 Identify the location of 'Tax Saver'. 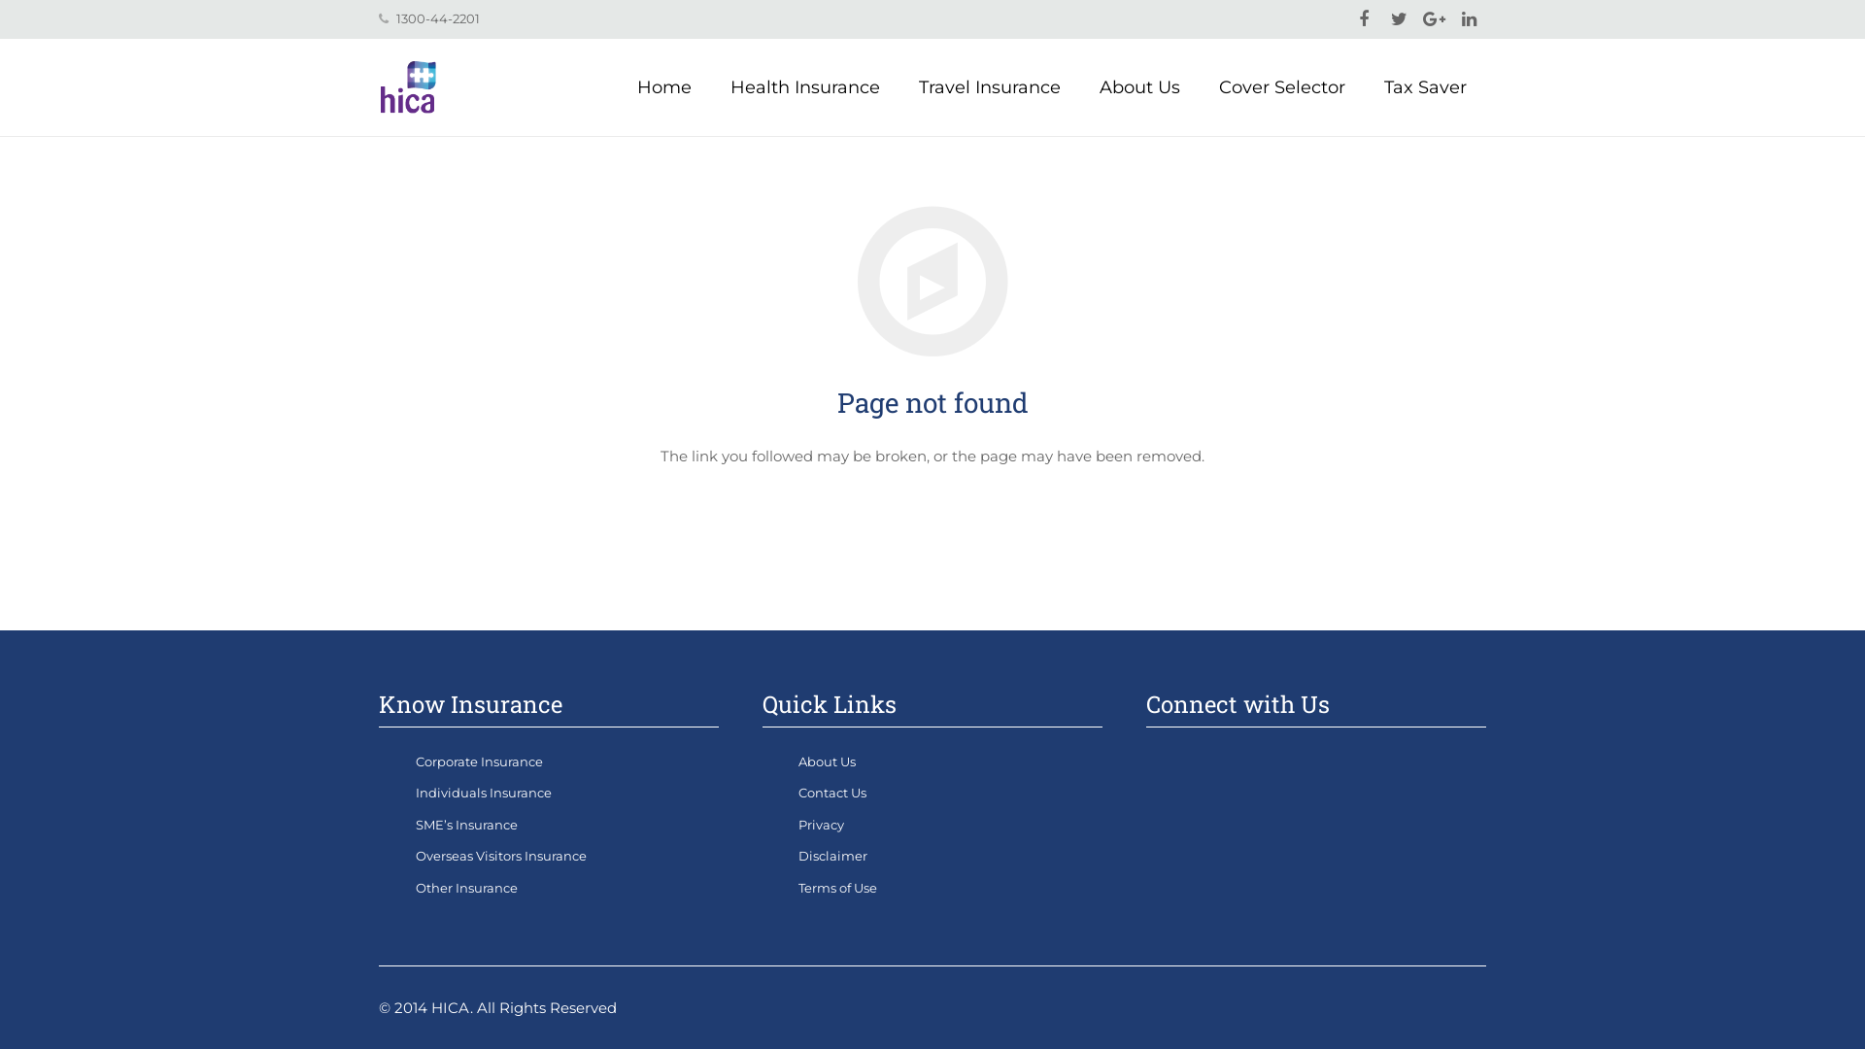
(1425, 85).